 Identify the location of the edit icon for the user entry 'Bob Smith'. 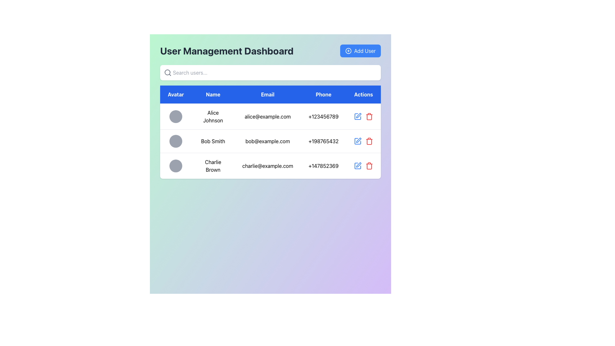
(358, 140).